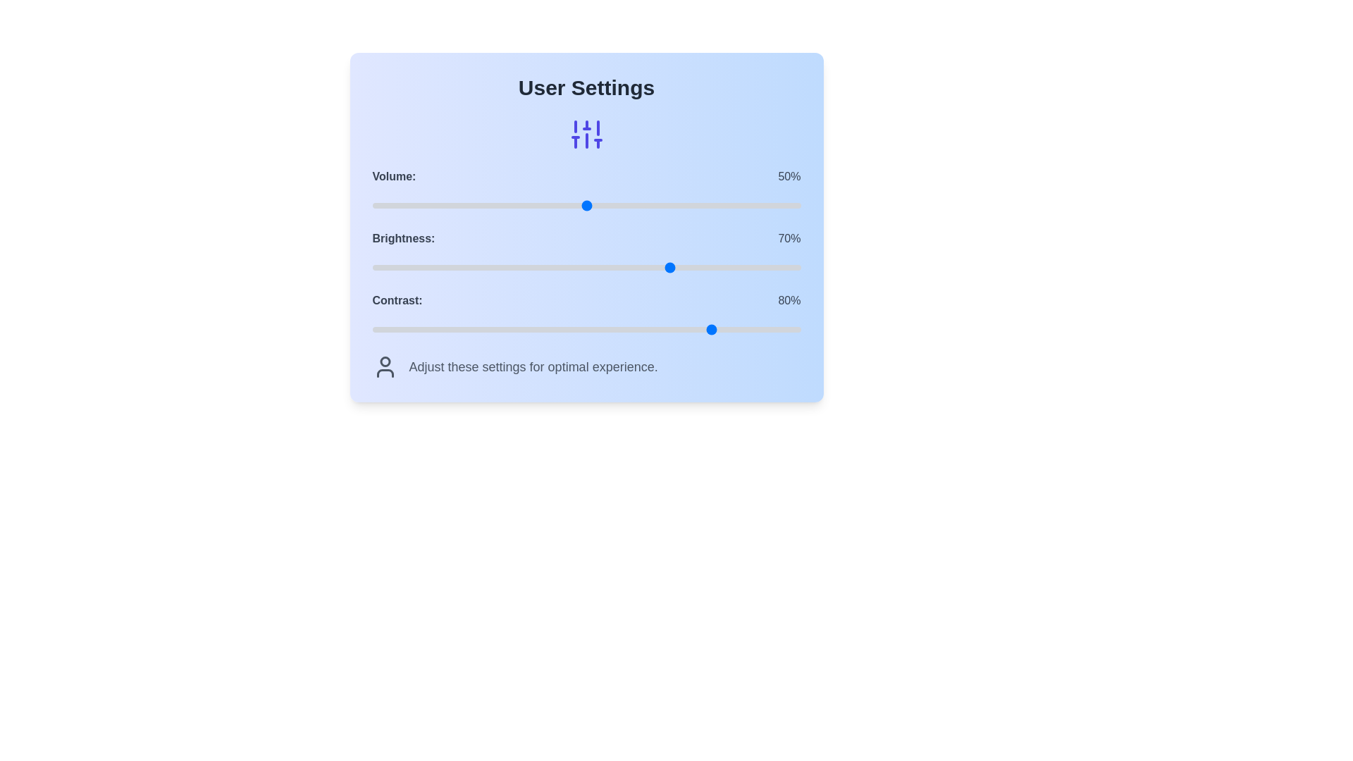 The width and height of the screenshot is (1353, 761). I want to click on current brightness level displayed on the brightness slider control, which shows 'Brightness: 70%' next to the slider, so click(586, 252).